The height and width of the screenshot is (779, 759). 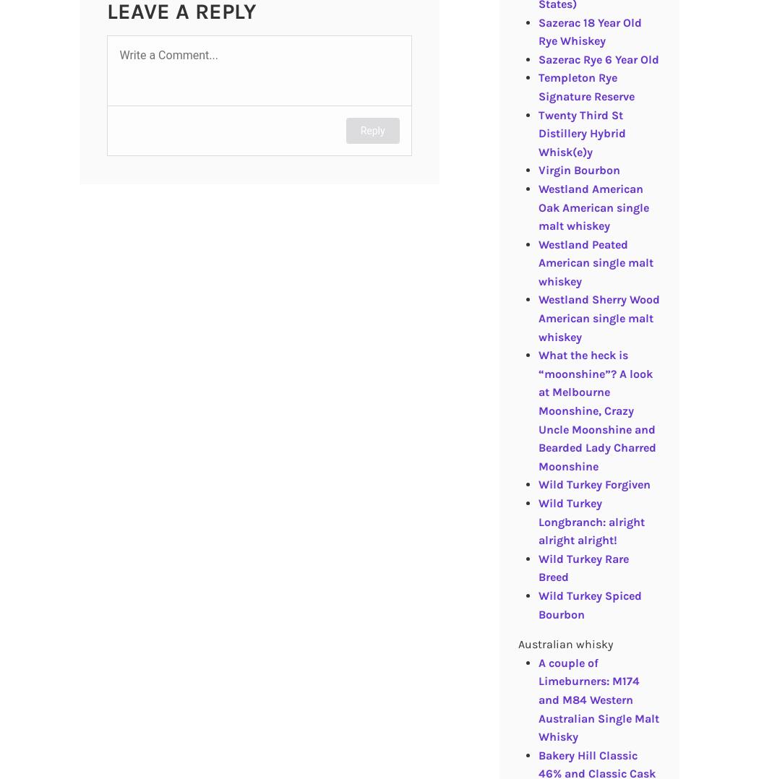 What do you see at coordinates (580, 132) in the screenshot?
I see `'Twenty Third St Distillery Hybrid Whisk(e)y'` at bounding box center [580, 132].